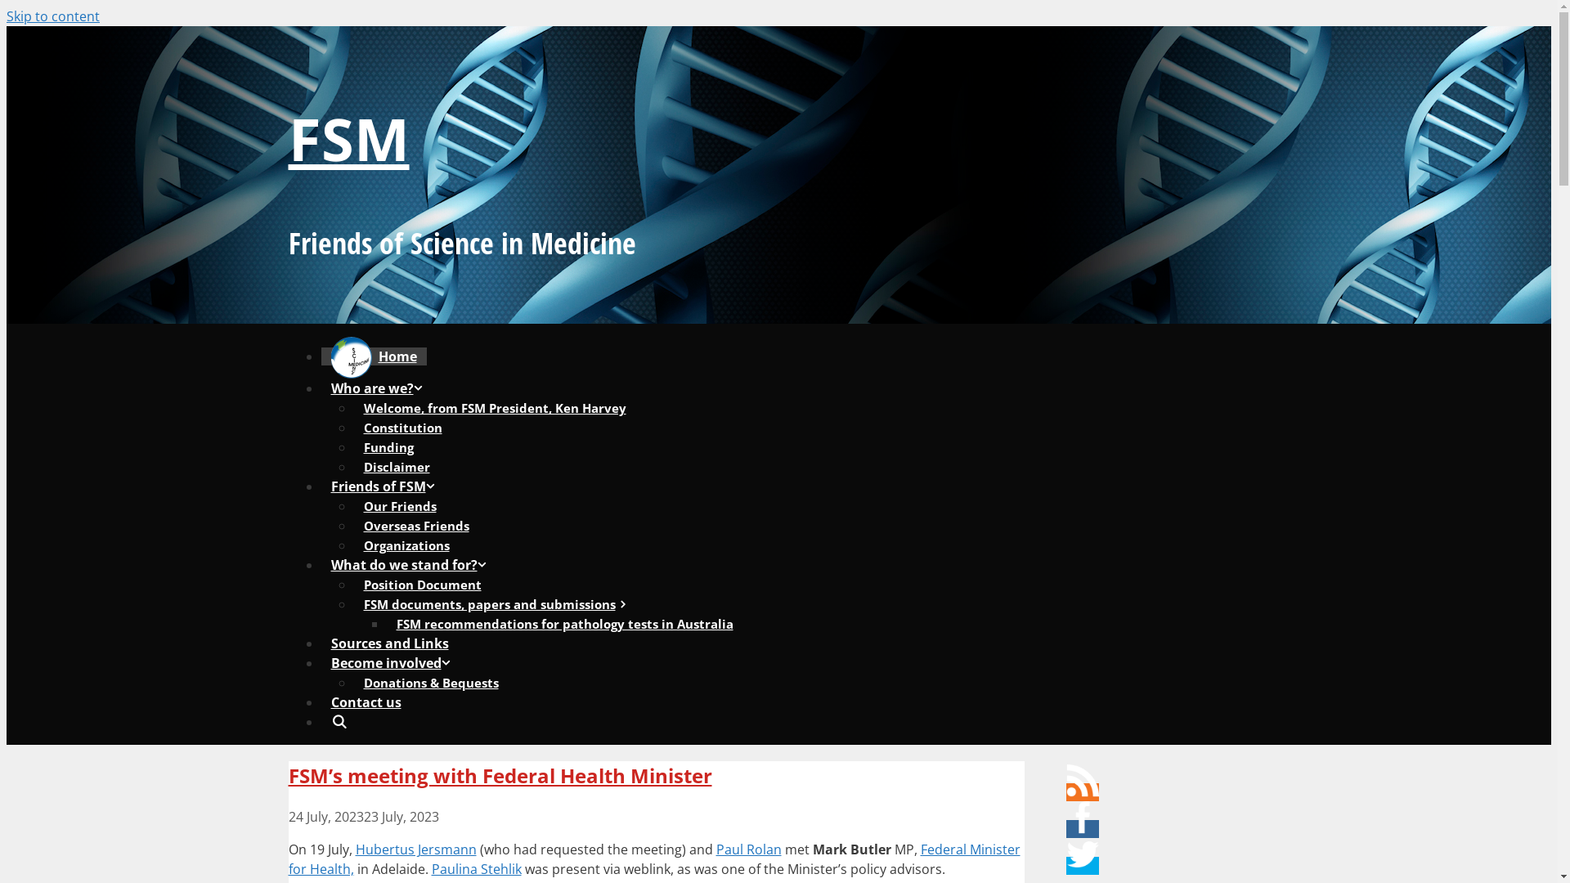  What do you see at coordinates (7, 16) in the screenshot?
I see `'Skip to content'` at bounding box center [7, 16].